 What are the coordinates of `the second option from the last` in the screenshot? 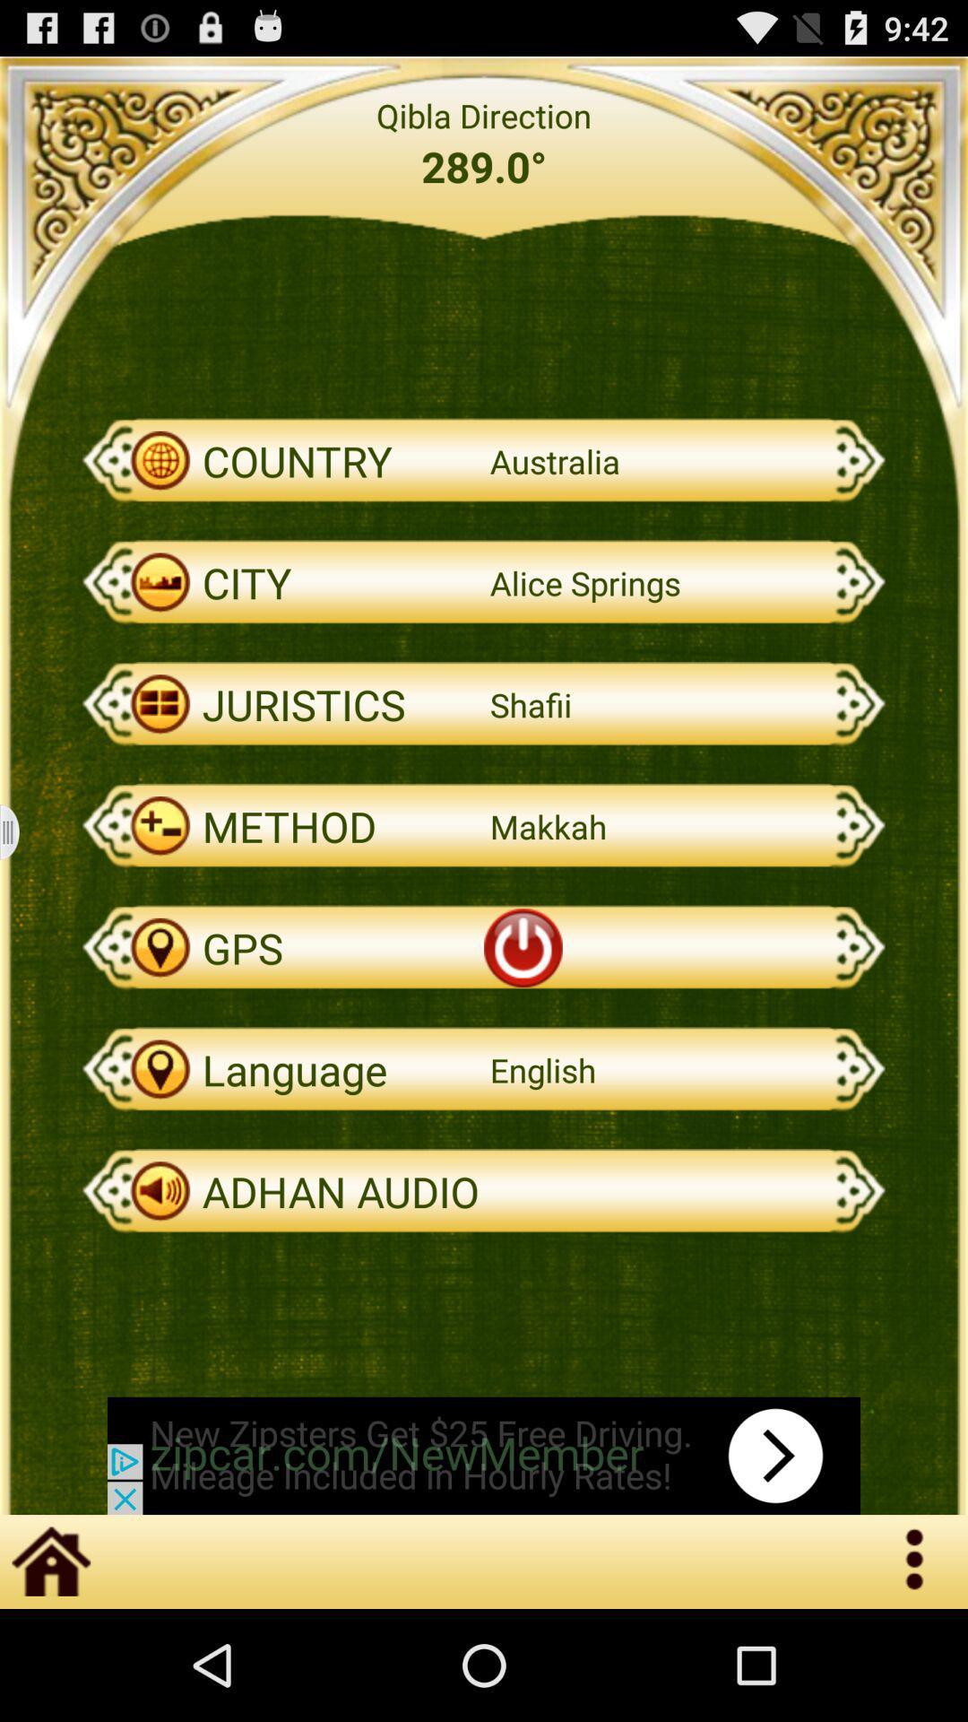 It's located at (484, 1070).